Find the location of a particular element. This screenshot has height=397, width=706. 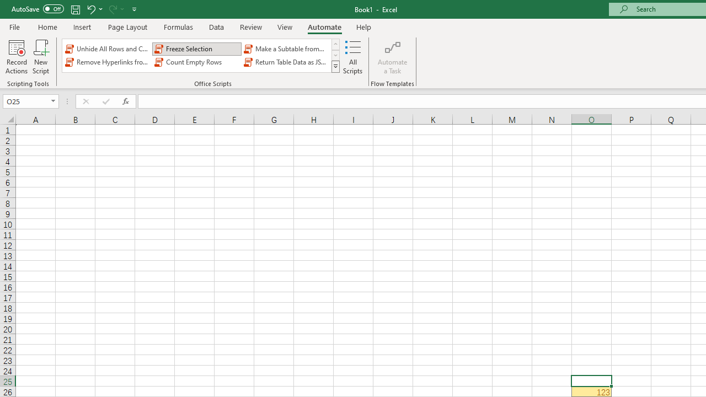

'Undo' is located at coordinates (90, 9).